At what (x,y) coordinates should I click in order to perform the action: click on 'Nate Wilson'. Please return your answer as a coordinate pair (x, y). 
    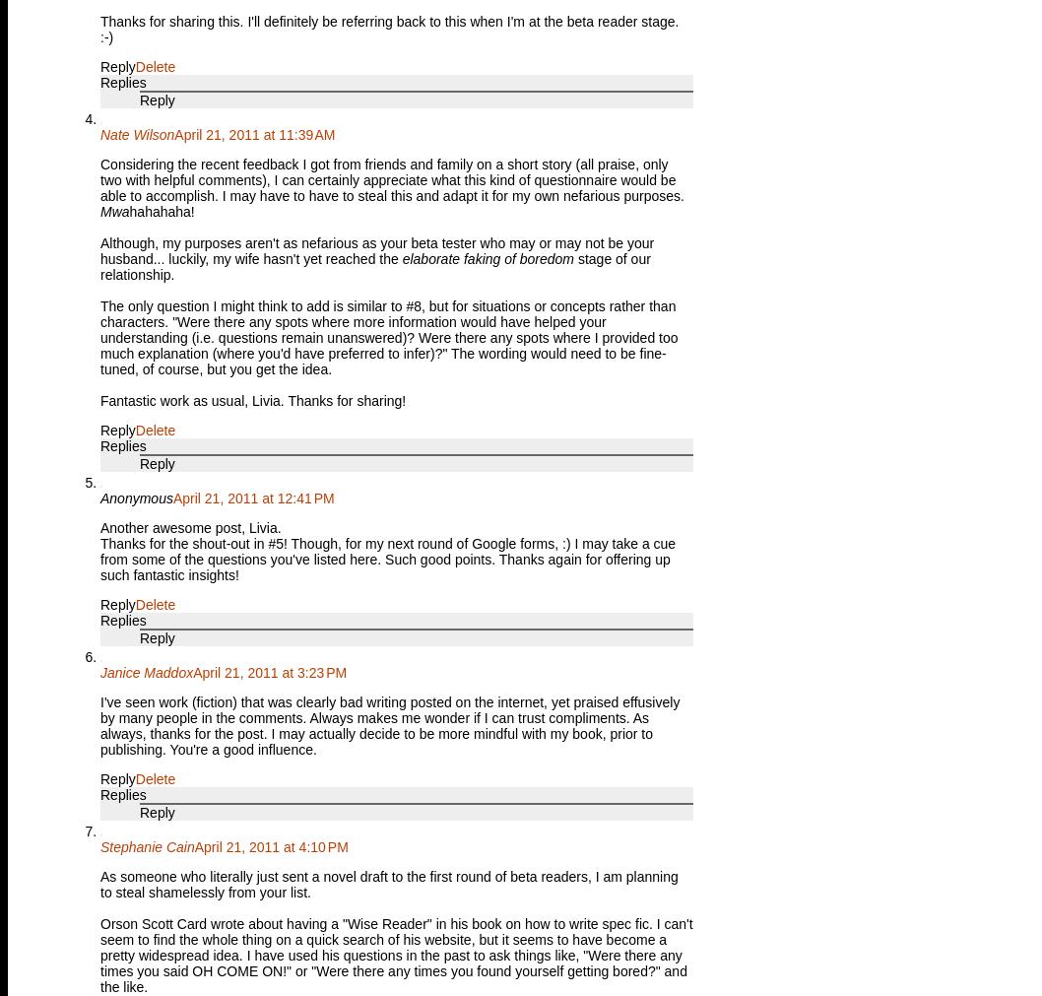
    Looking at the image, I should click on (136, 133).